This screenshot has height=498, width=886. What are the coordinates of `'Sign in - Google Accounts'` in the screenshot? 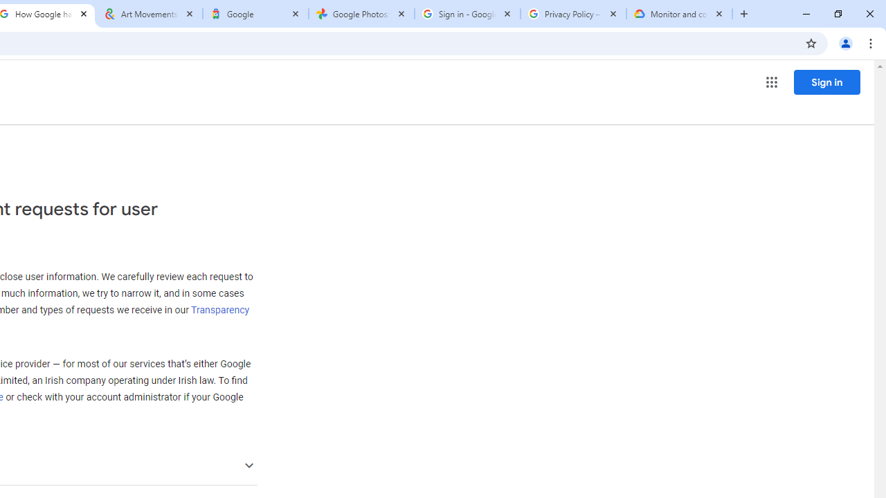 It's located at (467, 14).